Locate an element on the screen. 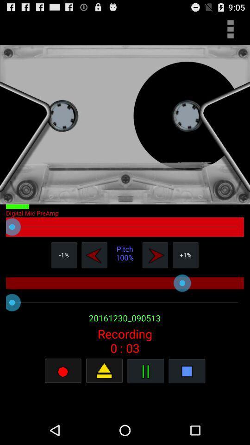 The image size is (250, 445). open main menu is located at coordinates (230, 29).